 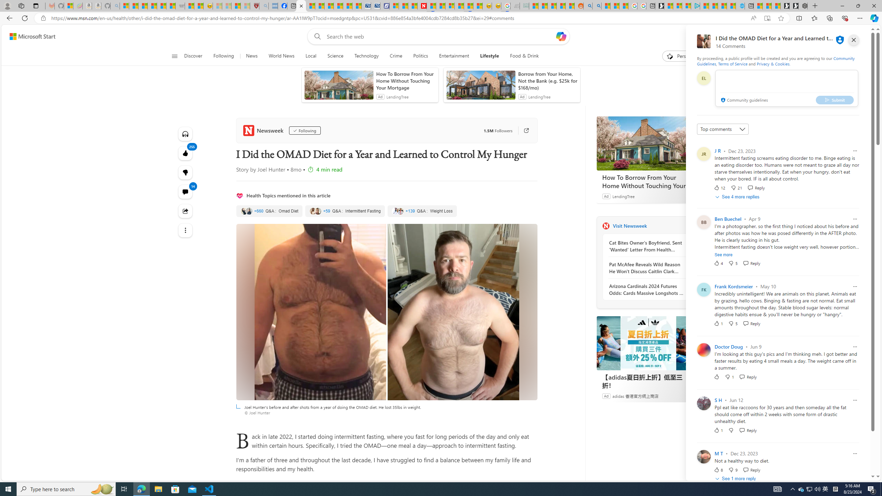 I want to click on 'Sort comments by', so click(x=722, y=129).